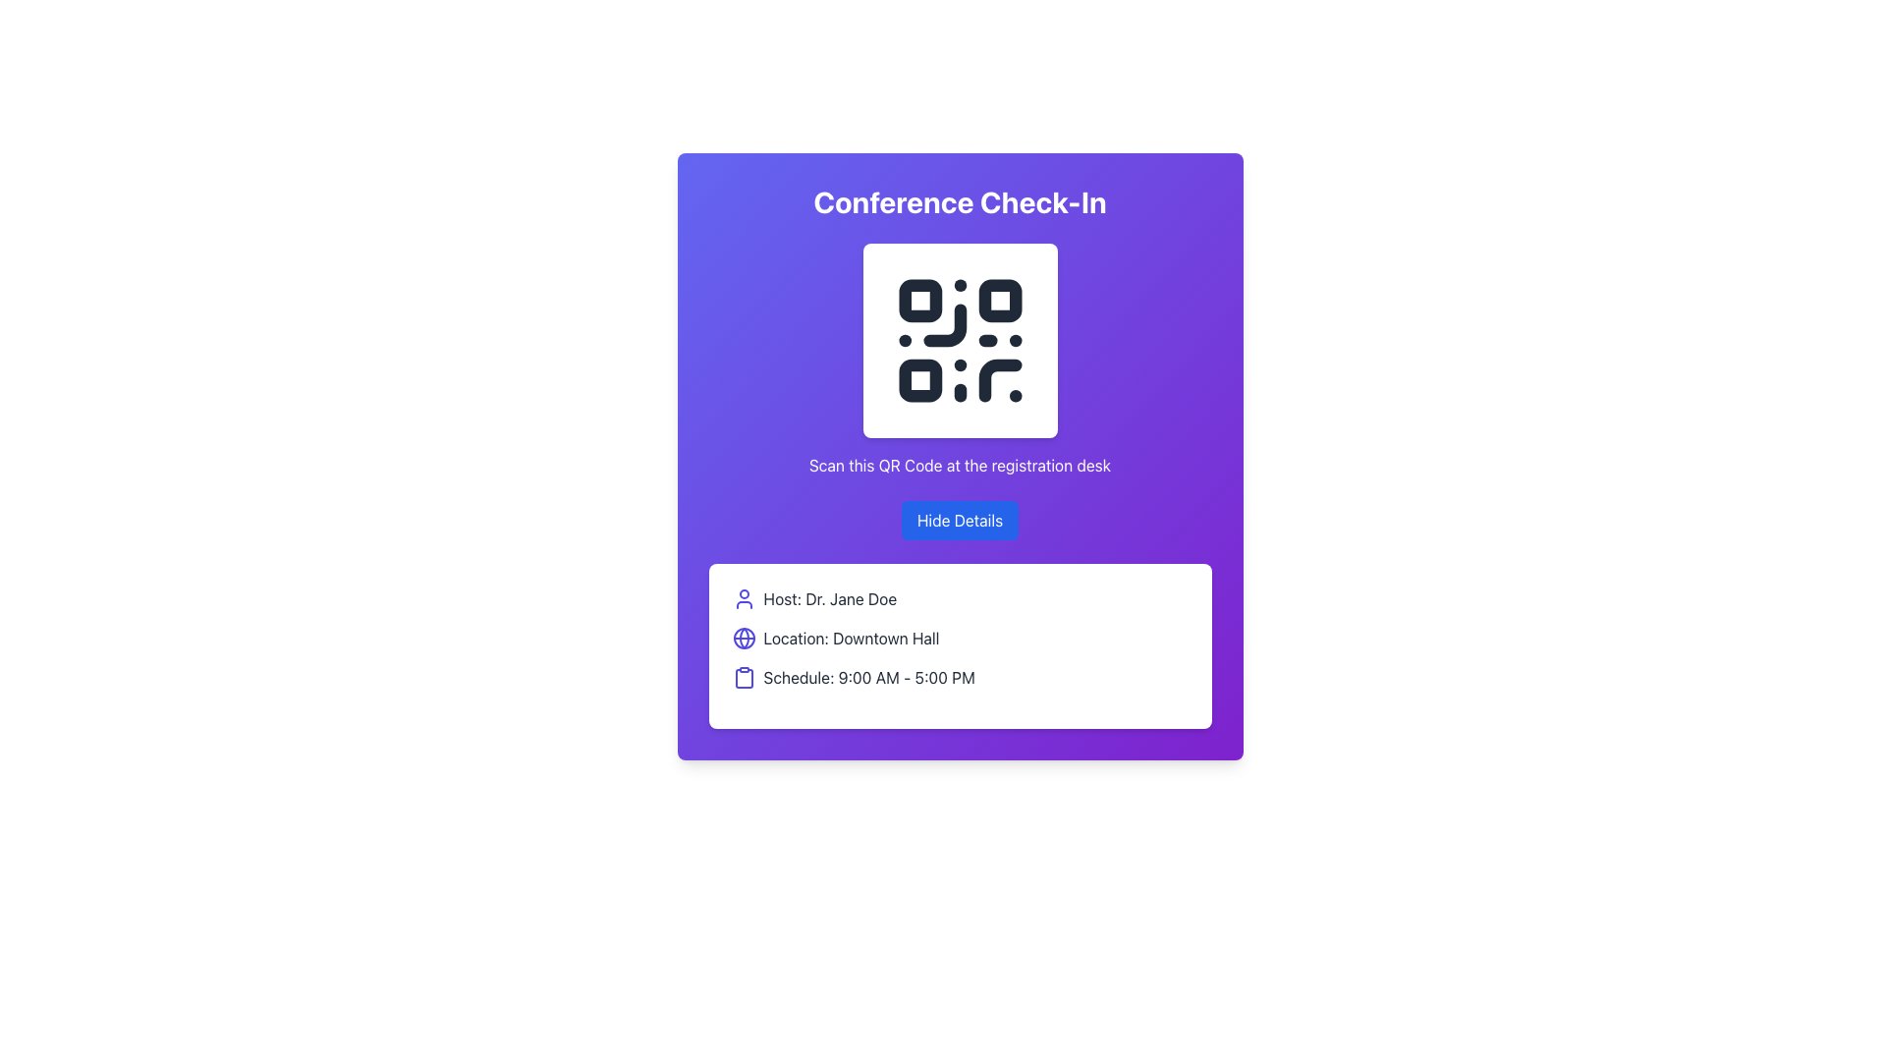 The height and width of the screenshot is (1061, 1886). What do you see at coordinates (960, 519) in the screenshot?
I see `the button located below the text 'Scan this QR Code at the registration desk' to hide the details about the event, which include the host, location, and schedule` at bounding box center [960, 519].